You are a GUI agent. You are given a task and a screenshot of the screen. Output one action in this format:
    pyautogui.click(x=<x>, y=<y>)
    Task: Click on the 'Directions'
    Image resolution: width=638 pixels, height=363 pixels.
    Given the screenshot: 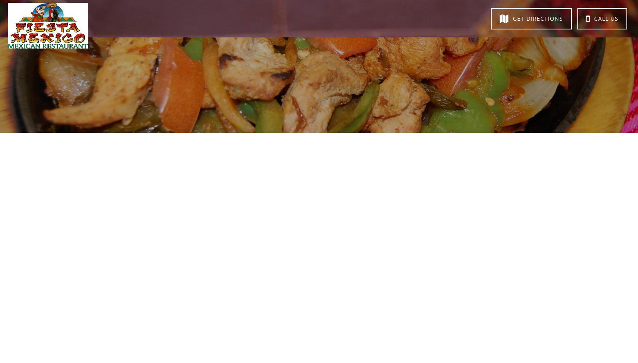 What is the action you would take?
    pyautogui.click(x=288, y=17)
    